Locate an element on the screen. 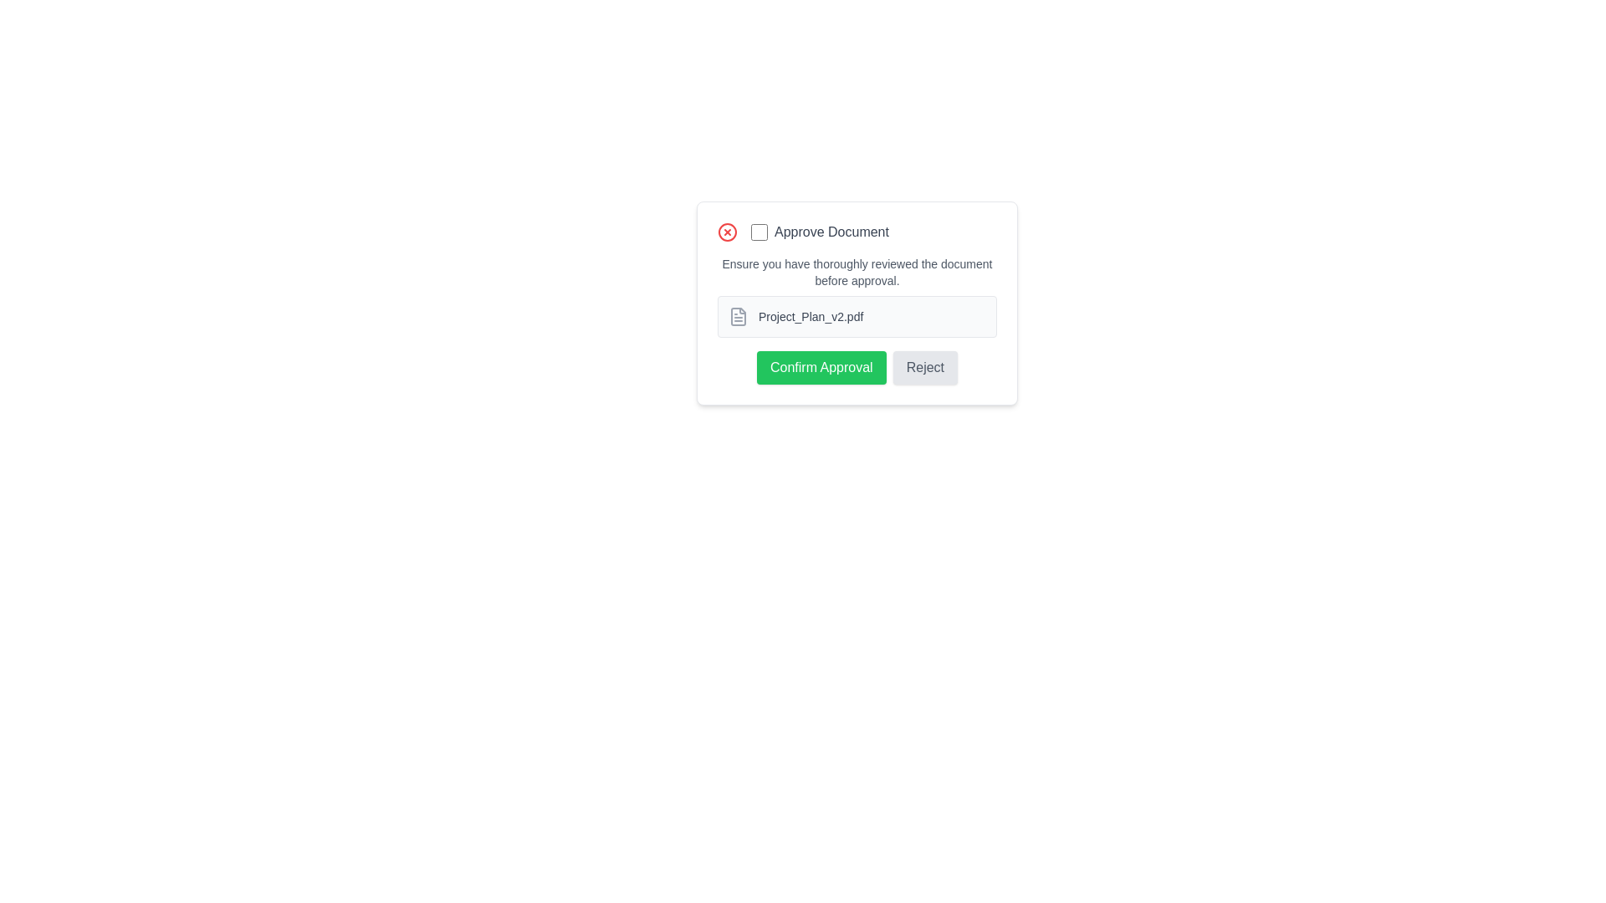 The height and width of the screenshot is (903, 1606). the small gray document icon located to the left of the text label 'Project_Plan_v2.pdf' is located at coordinates (738, 316).